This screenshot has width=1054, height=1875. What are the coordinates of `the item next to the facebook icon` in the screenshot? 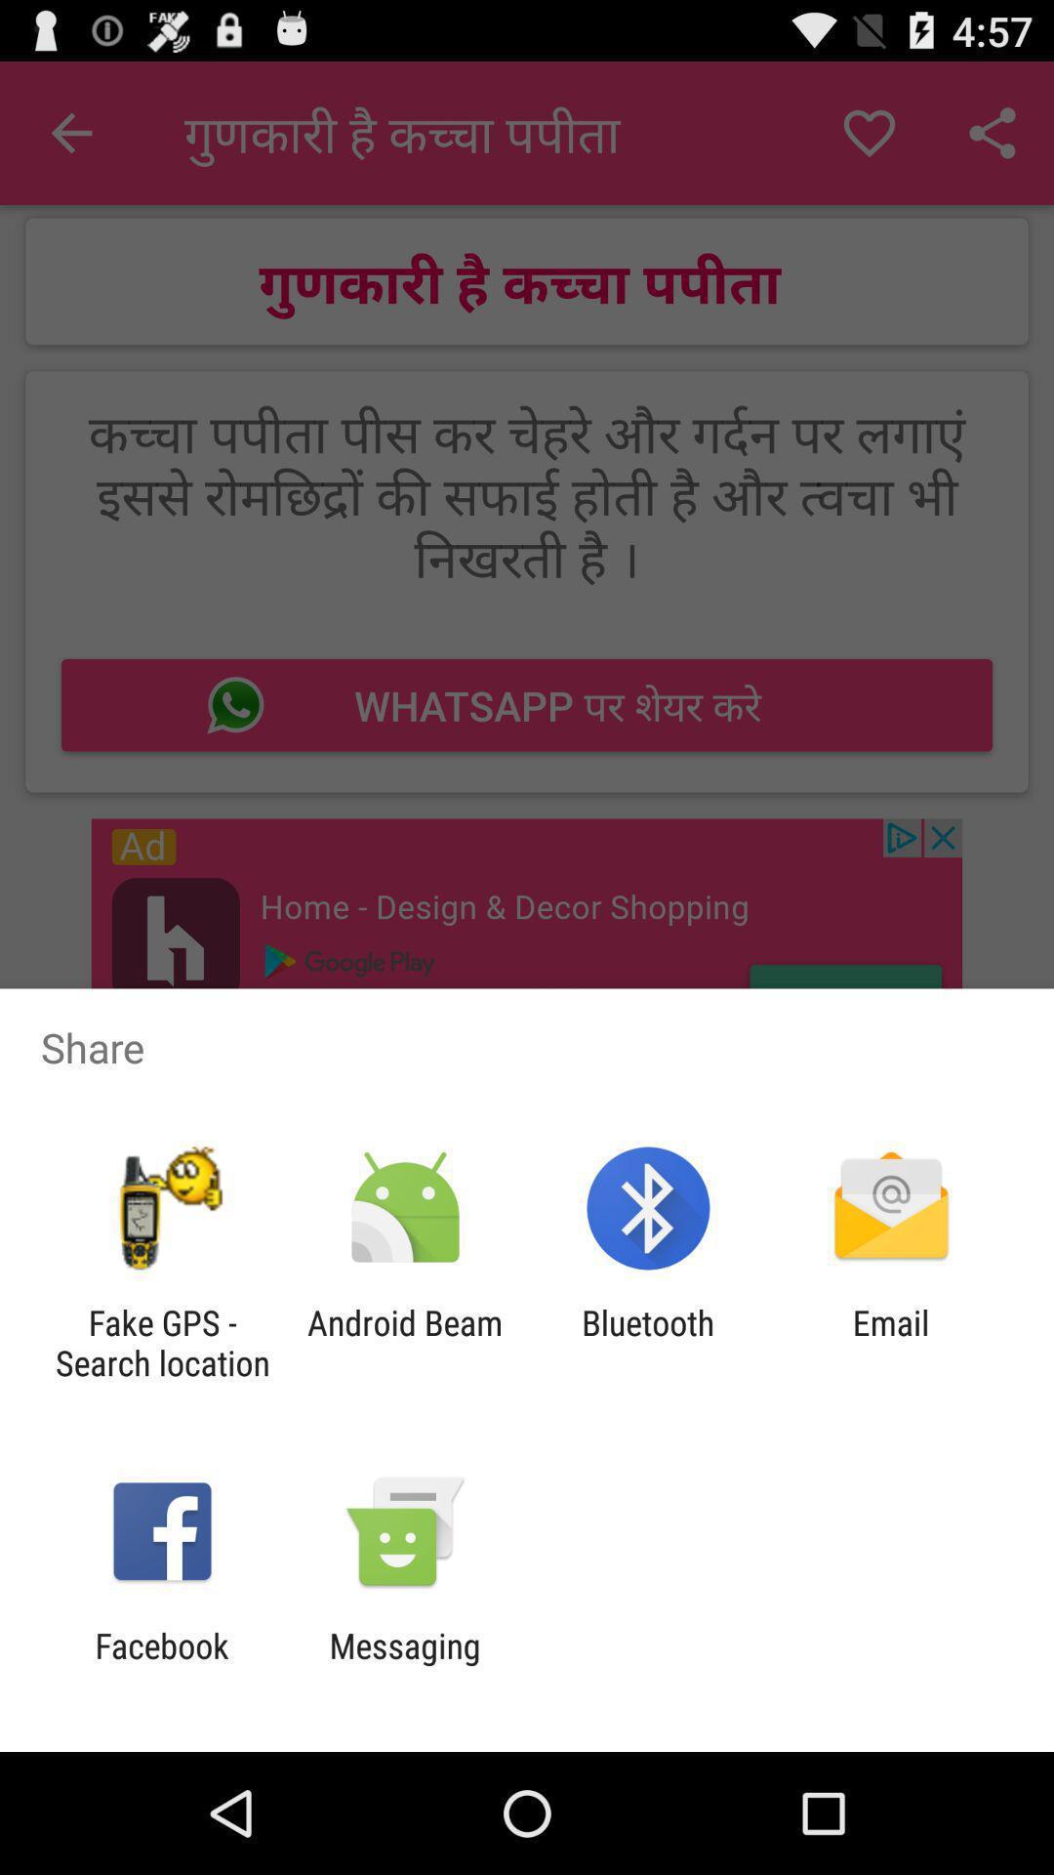 It's located at (404, 1665).